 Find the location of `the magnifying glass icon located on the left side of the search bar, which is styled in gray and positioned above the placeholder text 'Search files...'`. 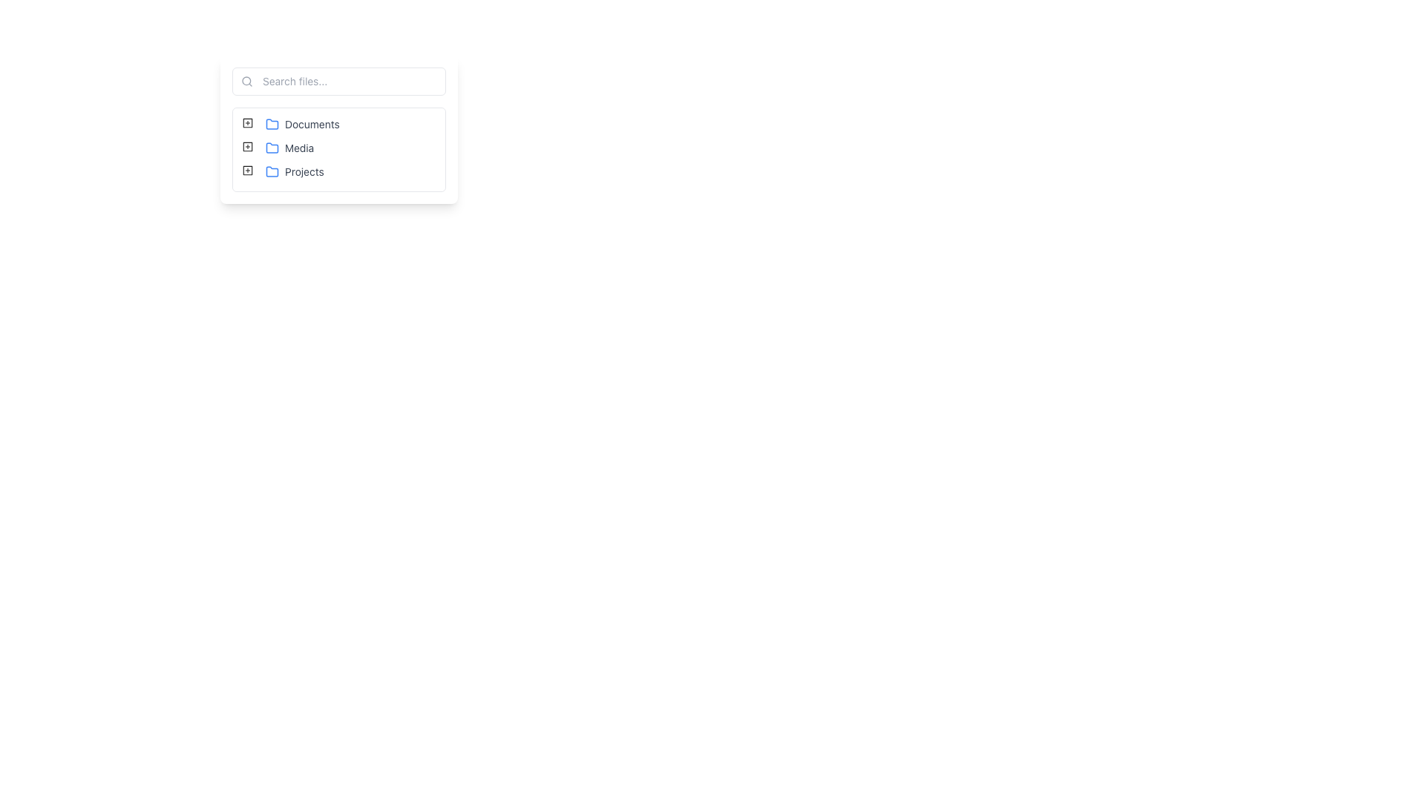

the magnifying glass icon located on the left side of the search bar, which is styled in gray and positioned above the placeholder text 'Search files...' is located at coordinates (246, 82).